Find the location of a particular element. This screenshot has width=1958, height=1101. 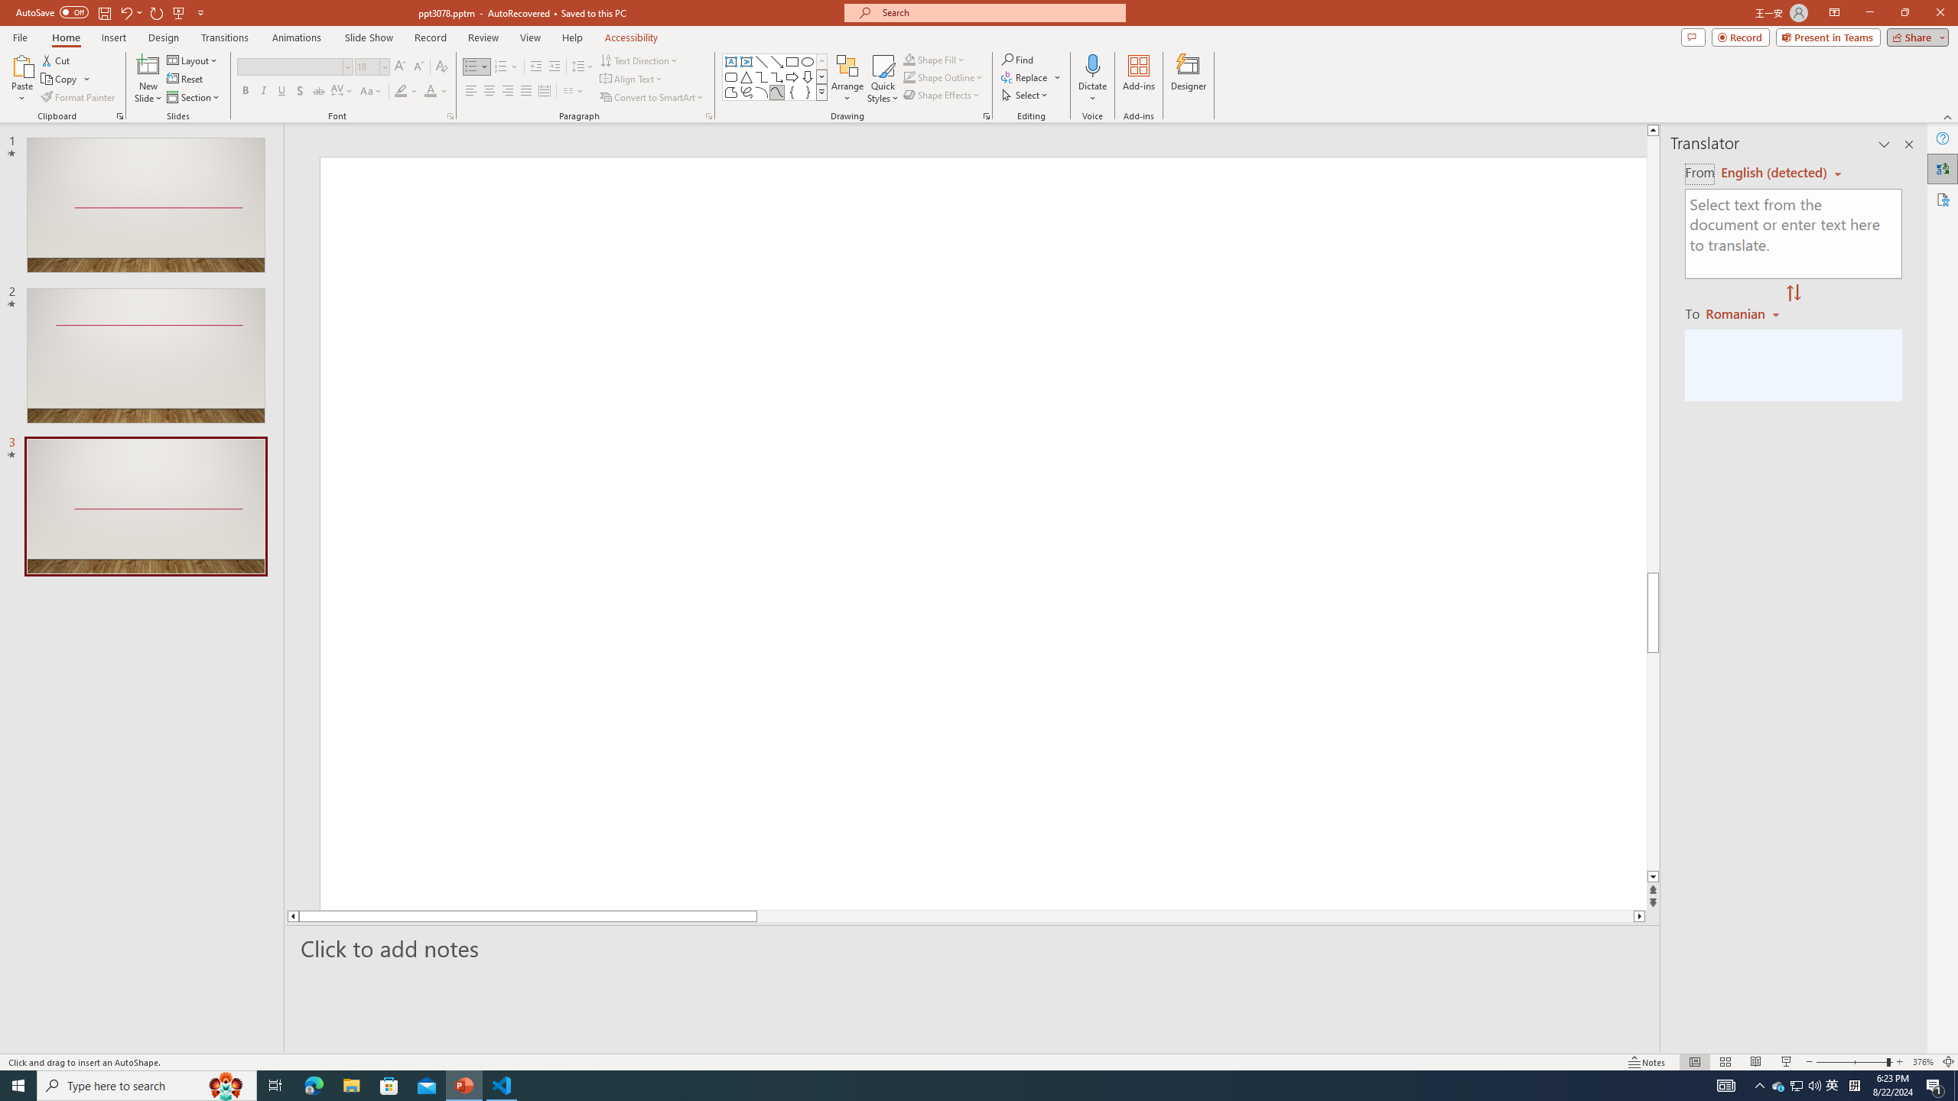

'Font Size' is located at coordinates (368, 67).